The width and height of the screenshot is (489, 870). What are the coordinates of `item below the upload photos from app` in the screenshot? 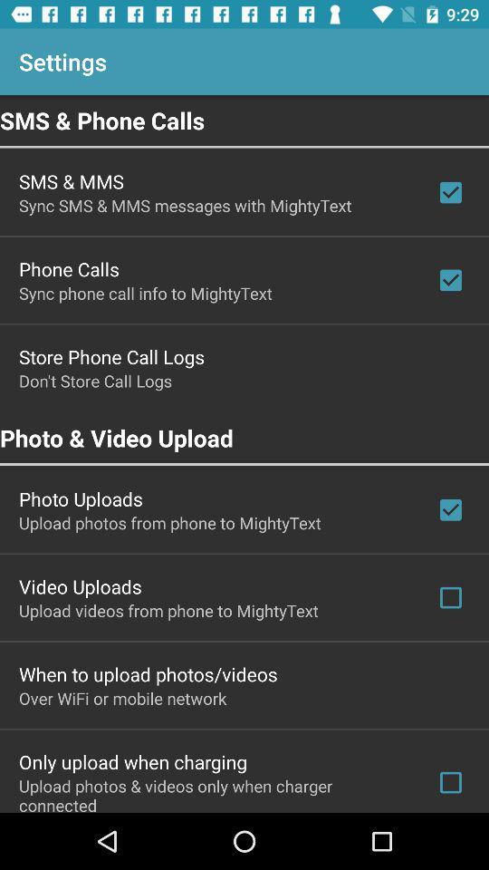 It's located at (79, 585).